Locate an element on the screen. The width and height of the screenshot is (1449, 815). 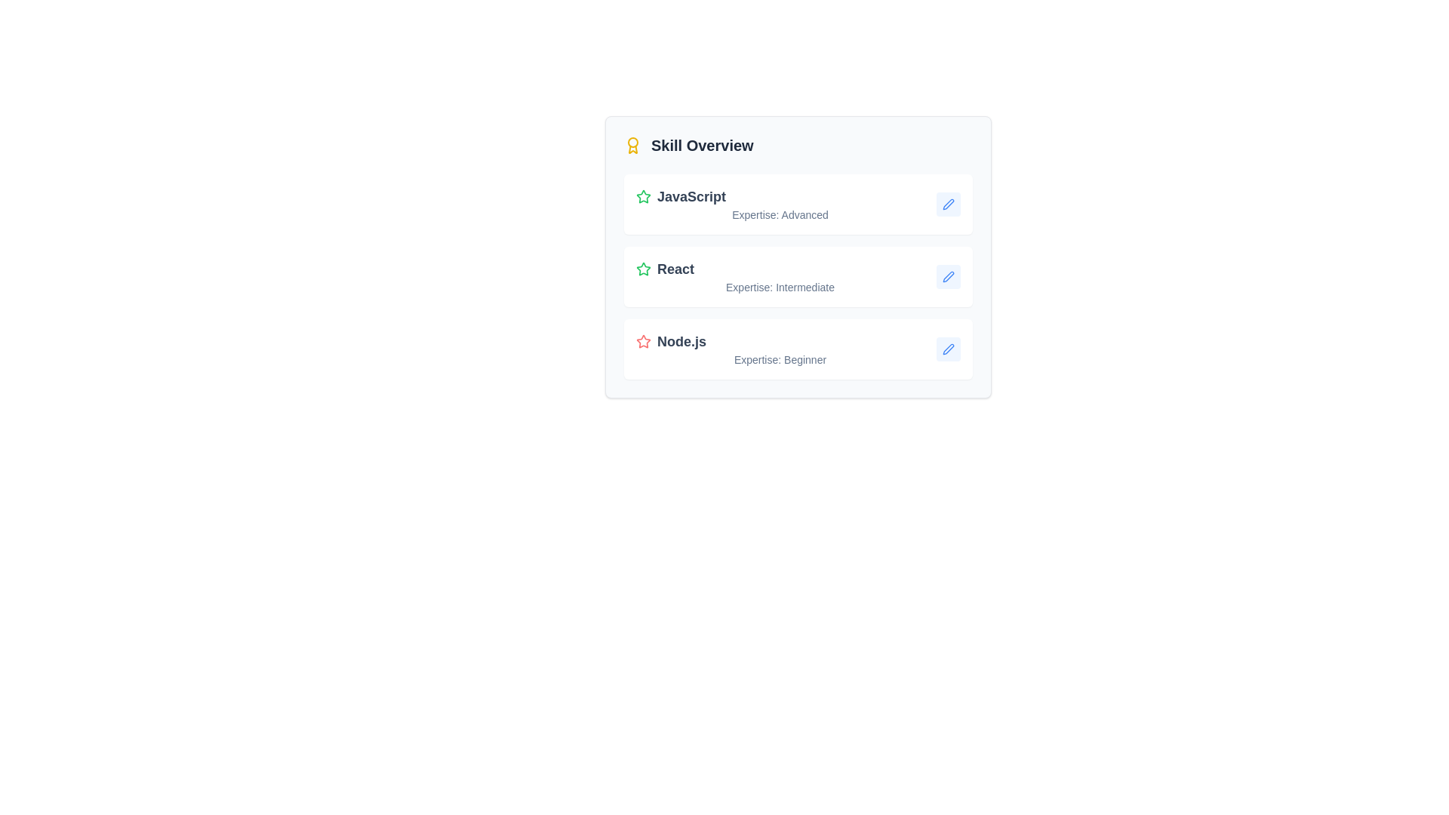
the Decorative SVG component that is the lower part of the award icon in the 'Skill Overview' section, located at the top left of the interface is located at coordinates (633, 149).